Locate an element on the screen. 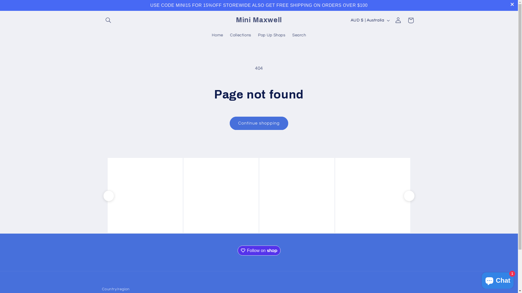 The image size is (522, 293). 'Continue shopping' is located at coordinates (259, 123).